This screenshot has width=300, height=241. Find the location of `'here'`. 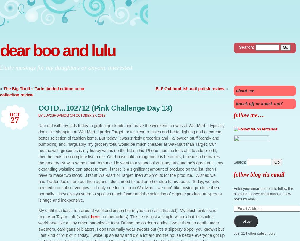

'here' is located at coordinates (95, 217).